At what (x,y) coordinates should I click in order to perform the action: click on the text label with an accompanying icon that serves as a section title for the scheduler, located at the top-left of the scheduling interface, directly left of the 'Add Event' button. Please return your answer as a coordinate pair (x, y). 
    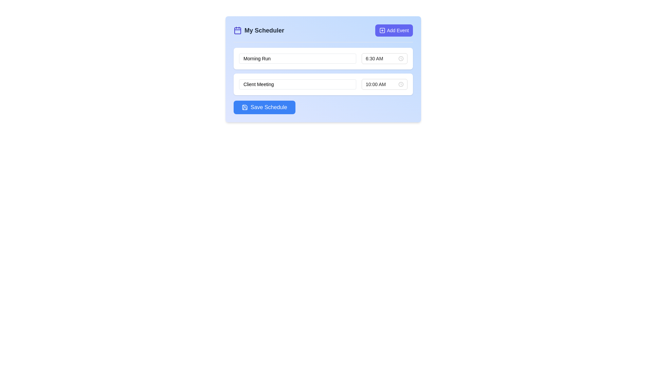
    Looking at the image, I should click on (258, 30).